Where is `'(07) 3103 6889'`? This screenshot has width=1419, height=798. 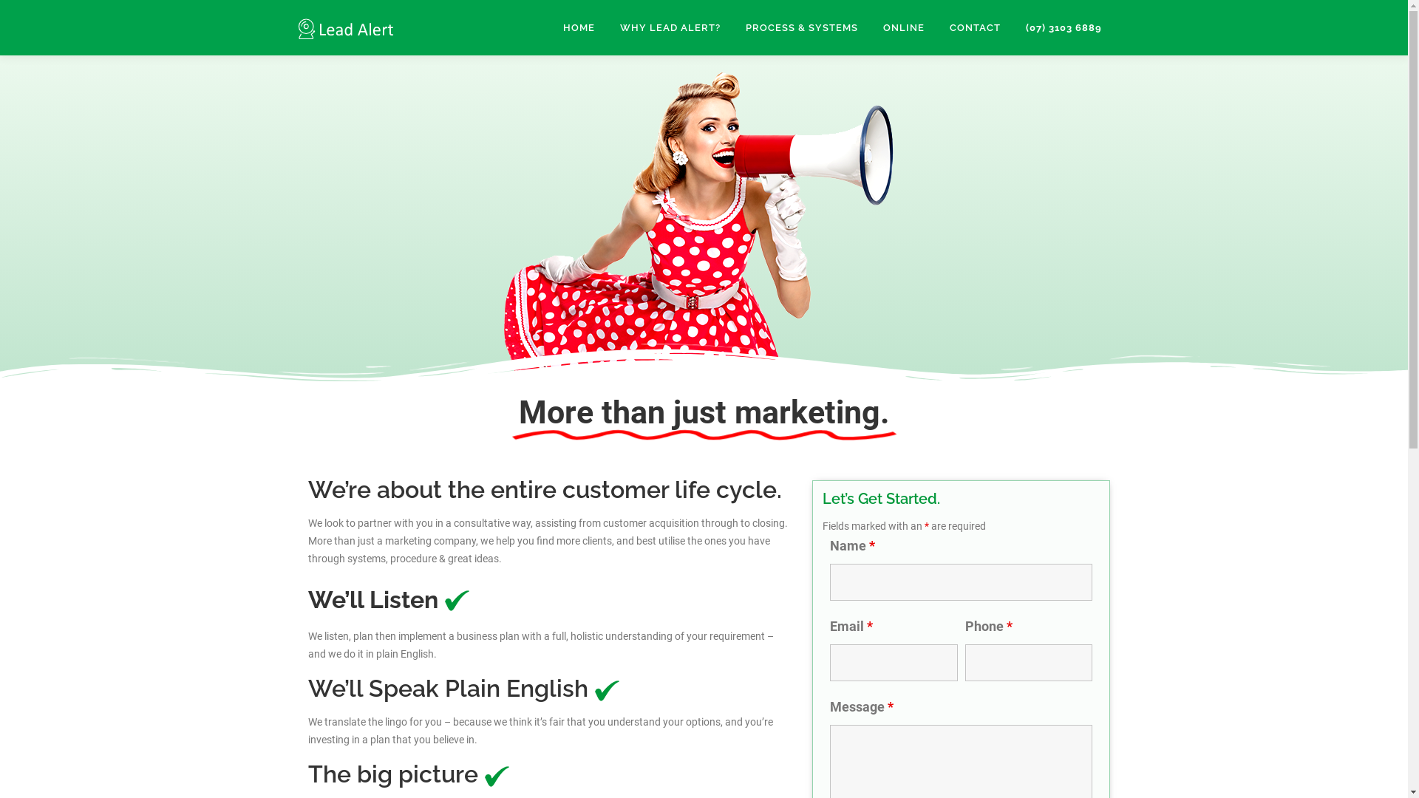
'(07) 3103 6889' is located at coordinates (1062, 27).